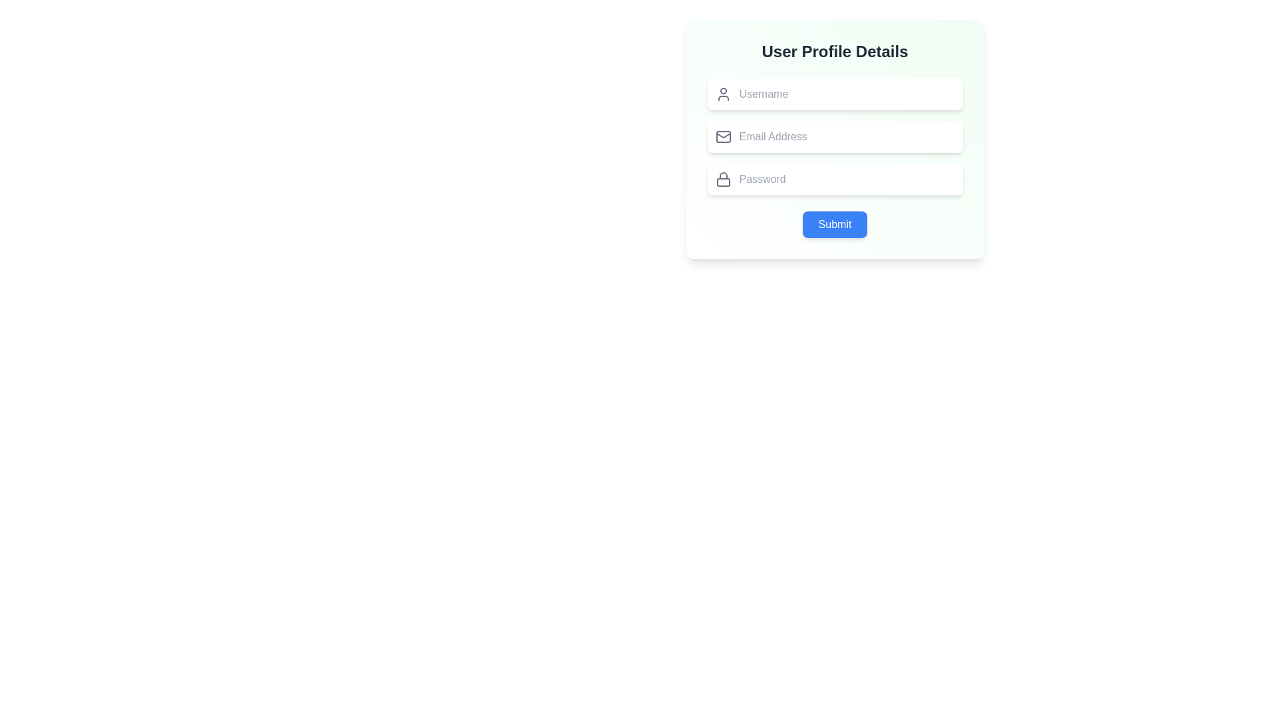 This screenshot has width=1277, height=718. What do you see at coordinates (722, 136) in the screenshot?
I see `the mail icon, which is represented by a gray envelope shape located to the left of the 'Email Address' input field` at bounding box center [722, 136].